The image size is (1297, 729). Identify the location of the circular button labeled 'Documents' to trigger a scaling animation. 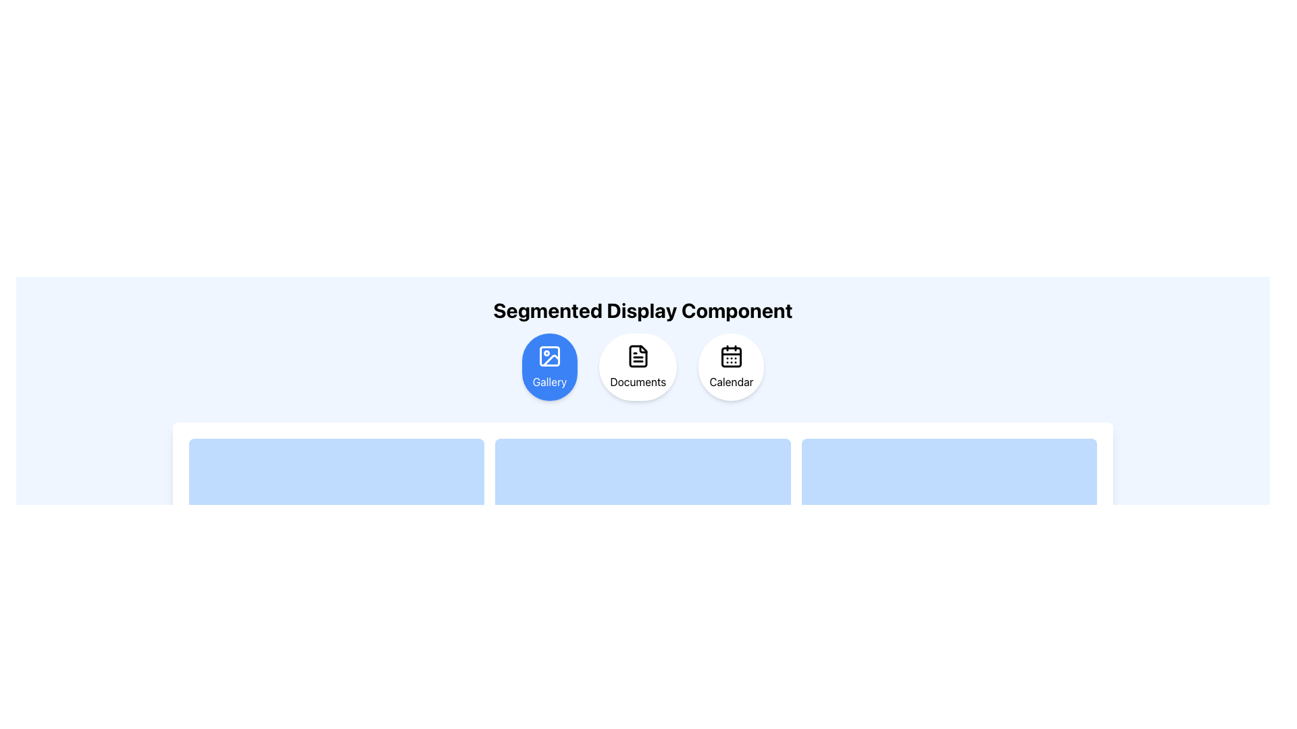
(642, 367).